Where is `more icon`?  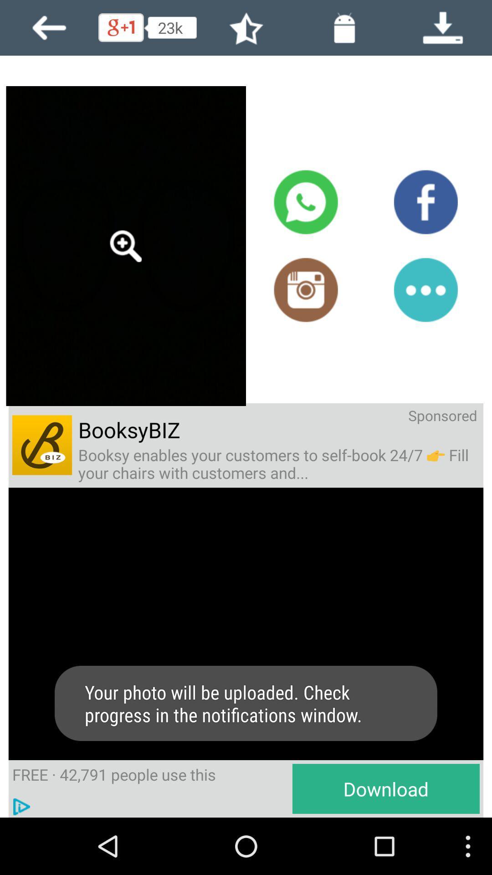 more icon is located at coordinates (425, 289).